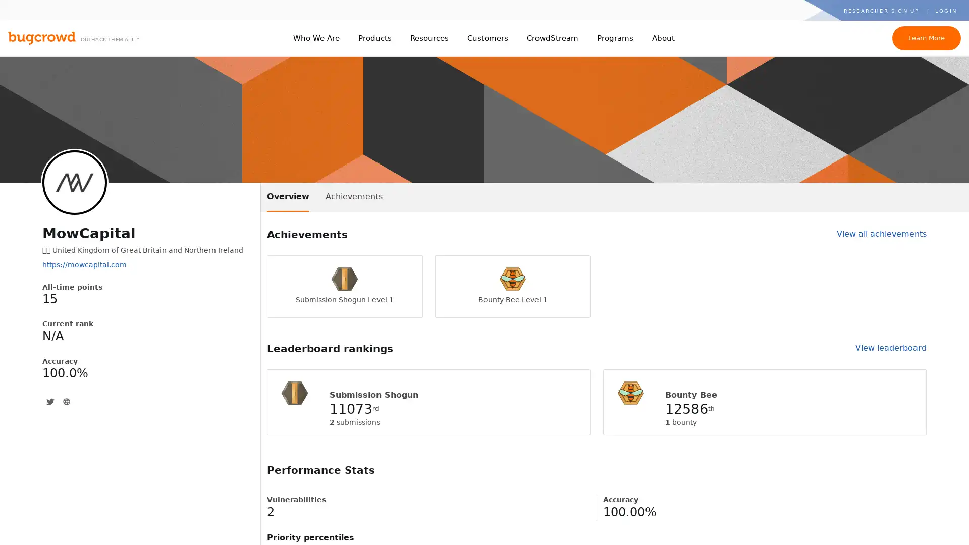 The width and height of the screenshot is (969, 545). What do you see at coordinates (344, 286) in the screenshot?
I see `Submission Shogun Level 1 Submission Shogun Level 1` at bounding box center [344, 286].